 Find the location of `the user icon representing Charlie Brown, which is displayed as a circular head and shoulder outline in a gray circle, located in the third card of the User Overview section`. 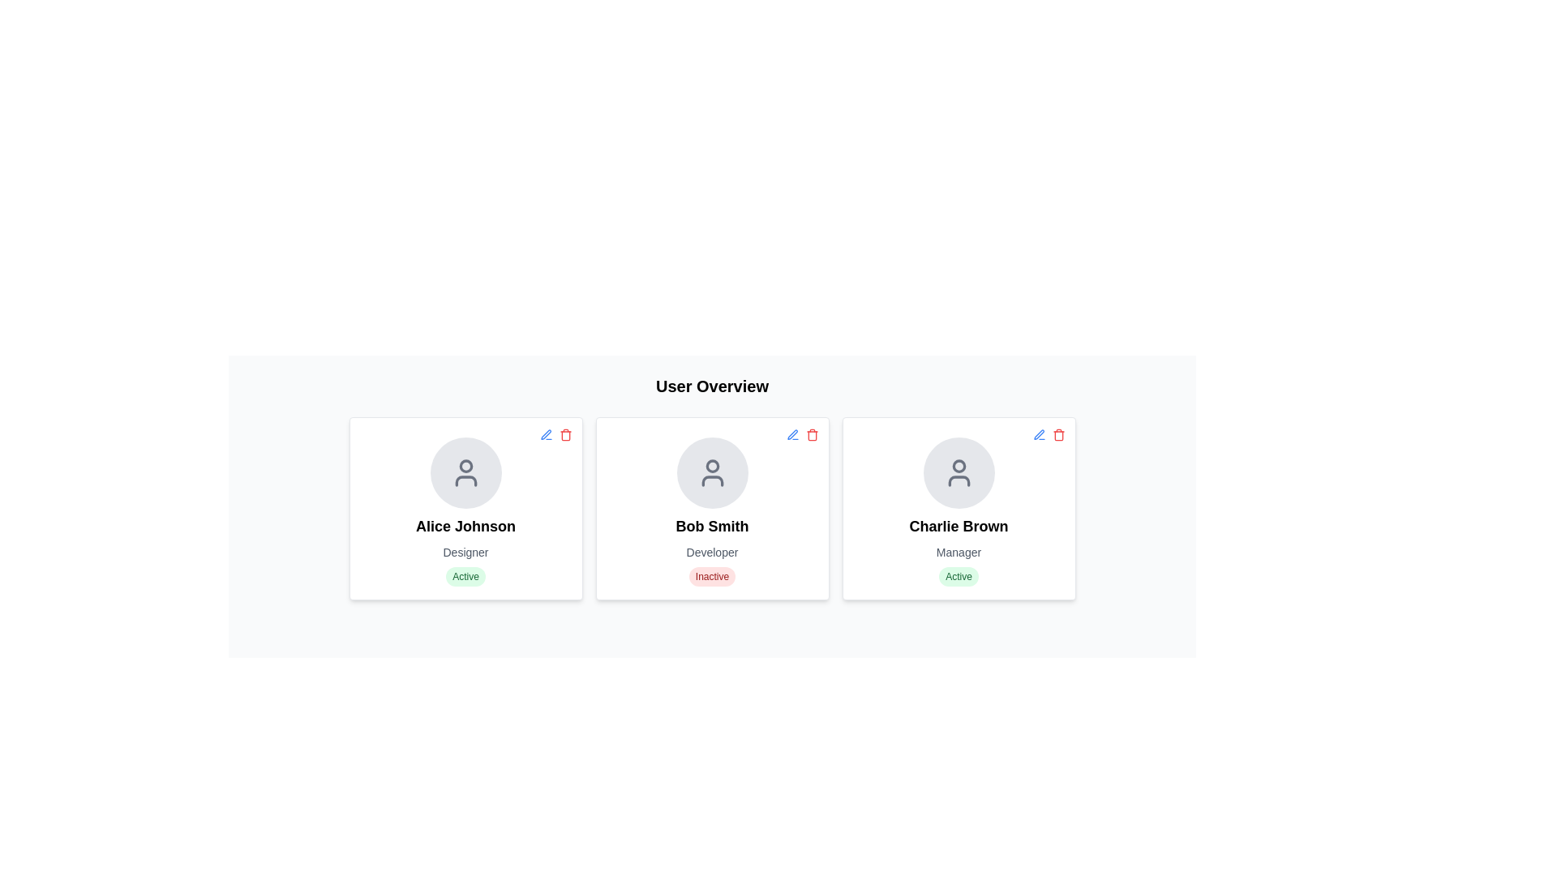

the user icon representing Charlie Brown, which is displayed as a circular head and shoulder outline in a gray circle, located in the third card of the User Overview section is located at coordinates (959, 472).